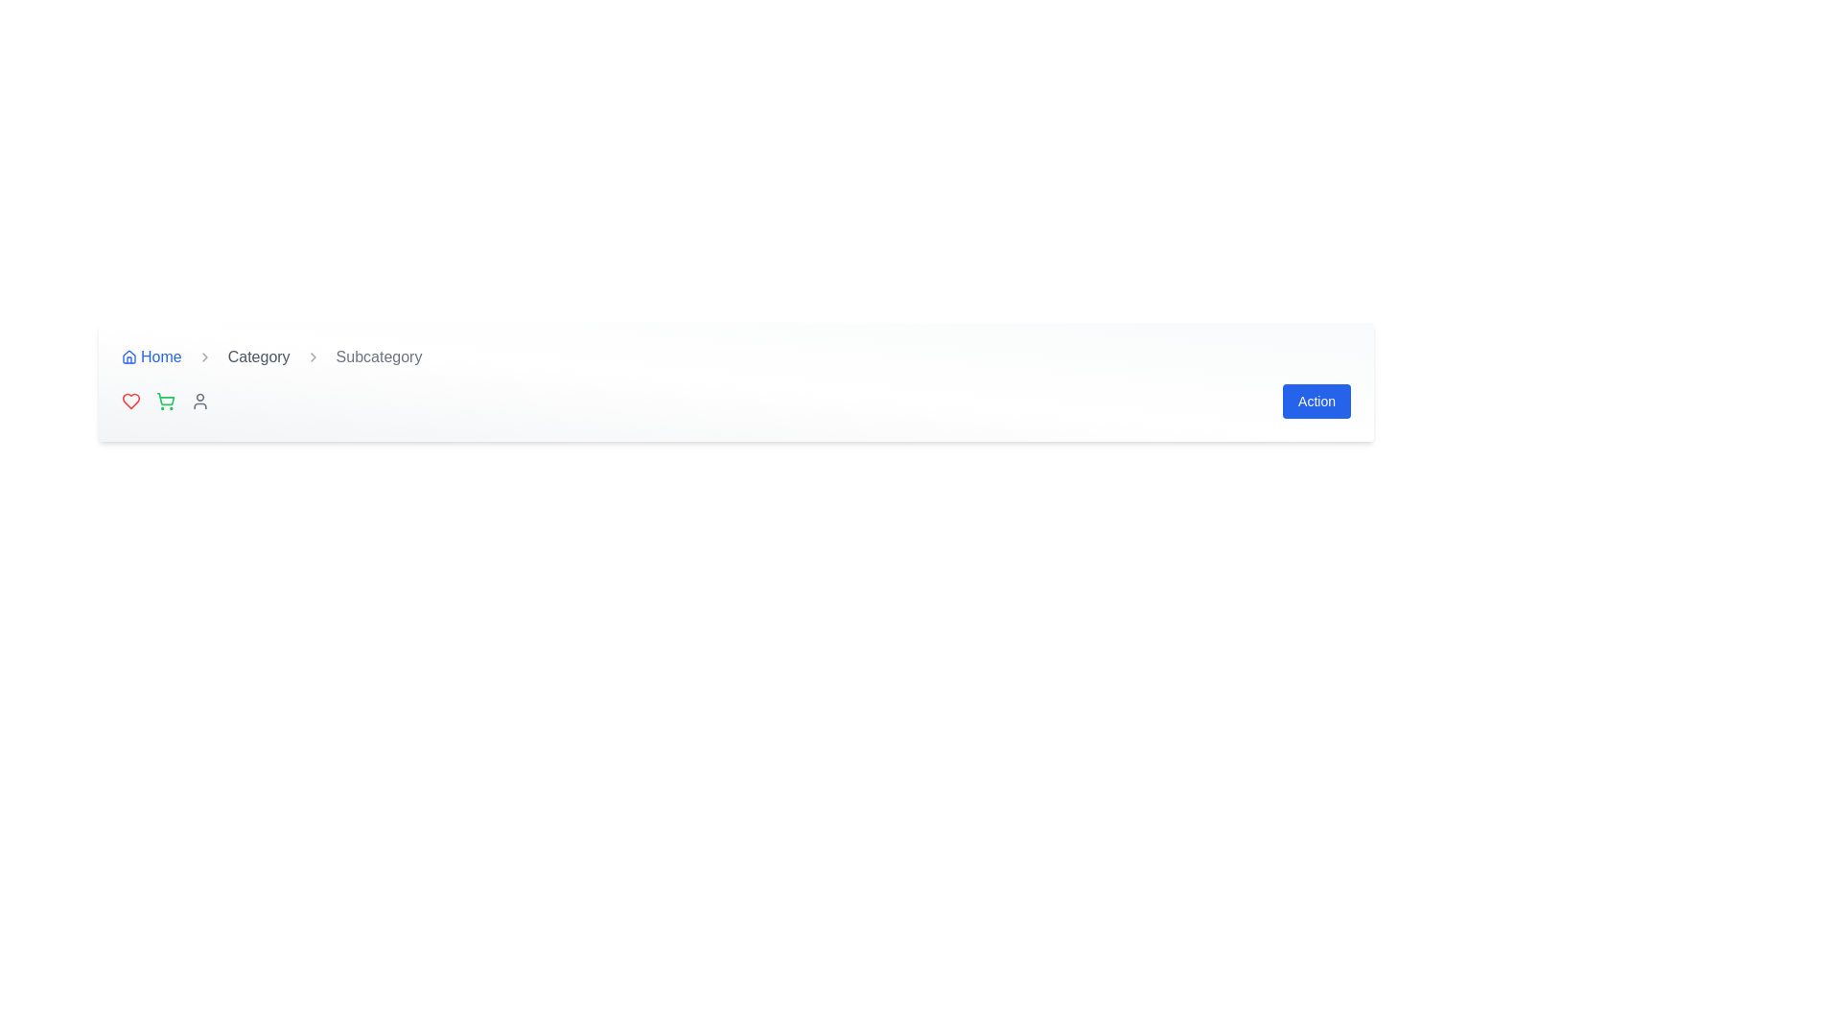 The height and width of the screenshot is (1035, 1841). What do you see at coordinates (165, 398) in the screenshot?
I see `the shopping cart icon located in the navigation bar` at bounding box center [165, 398].